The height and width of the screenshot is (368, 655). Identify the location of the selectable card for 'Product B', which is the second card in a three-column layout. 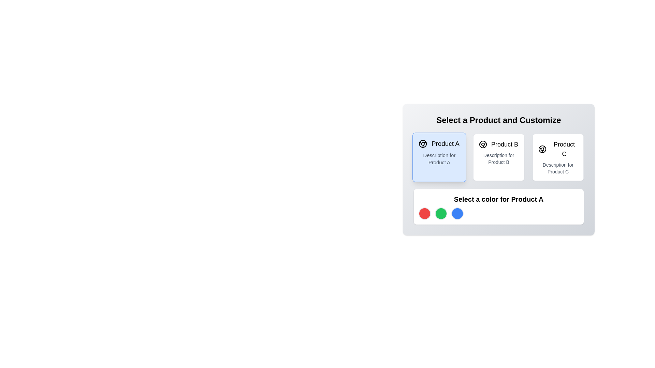
(499, 157).